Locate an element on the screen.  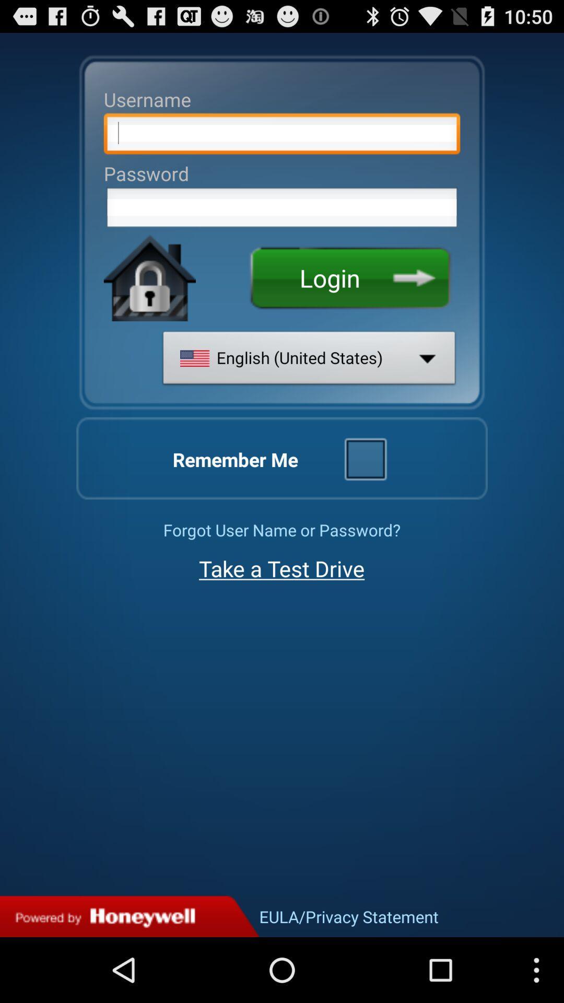
remember me button is located at coordinates (365, 458).